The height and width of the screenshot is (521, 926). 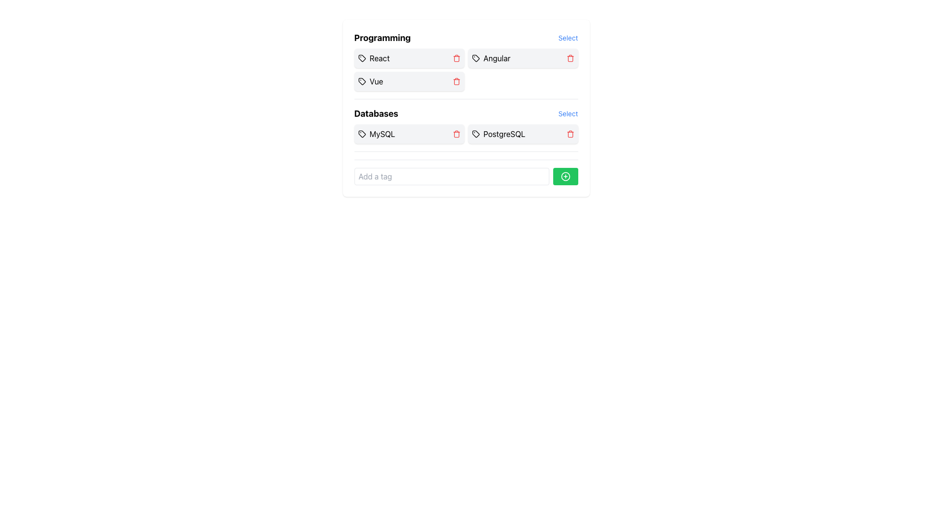 What do you see at coordinates (522, 134) in the screenshot?
I see `the selectable option for the database 'PostgreSQL' represented as a button-like list item in the 'Databases' section` at bounding box center [522, 134].